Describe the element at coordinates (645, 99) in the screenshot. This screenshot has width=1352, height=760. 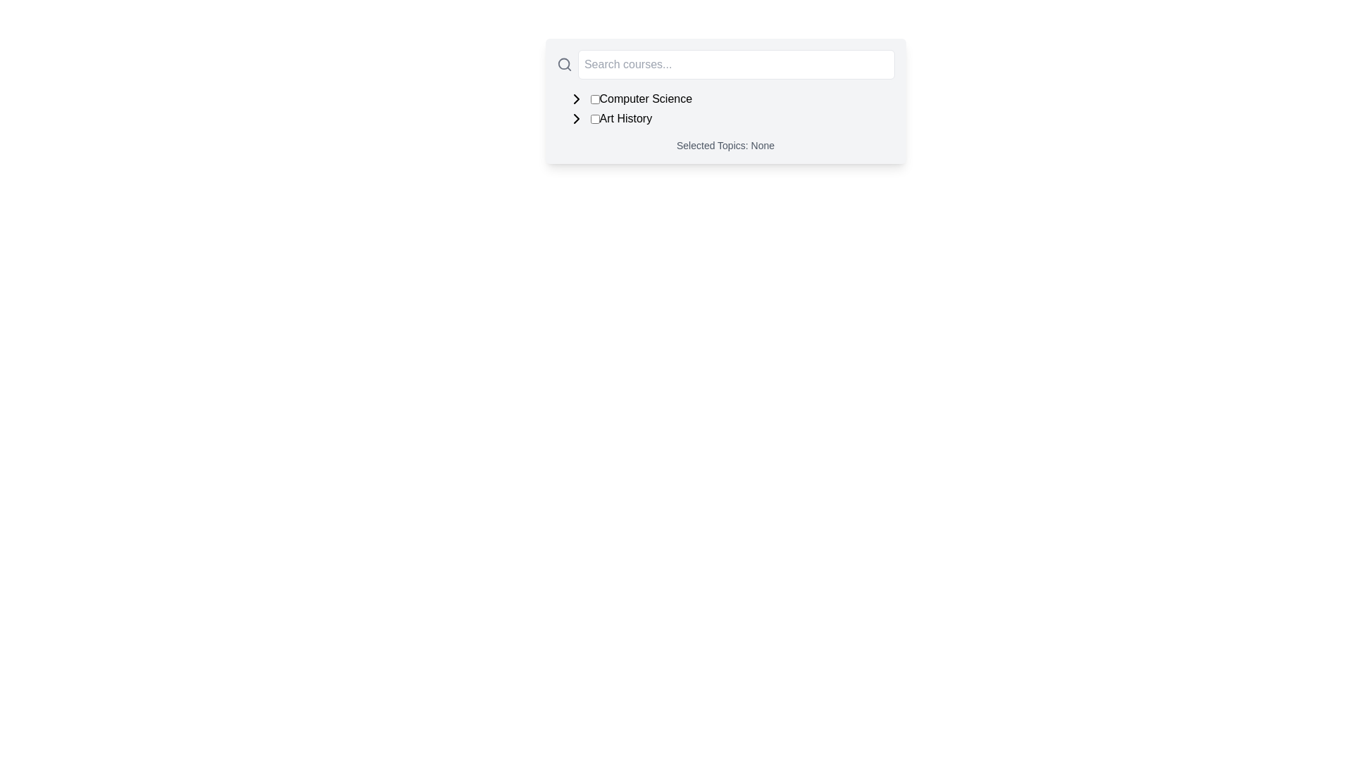
I see `text label identifying the 'Computer Science' option, which is the first in a vertical list below the search bar` at that location.